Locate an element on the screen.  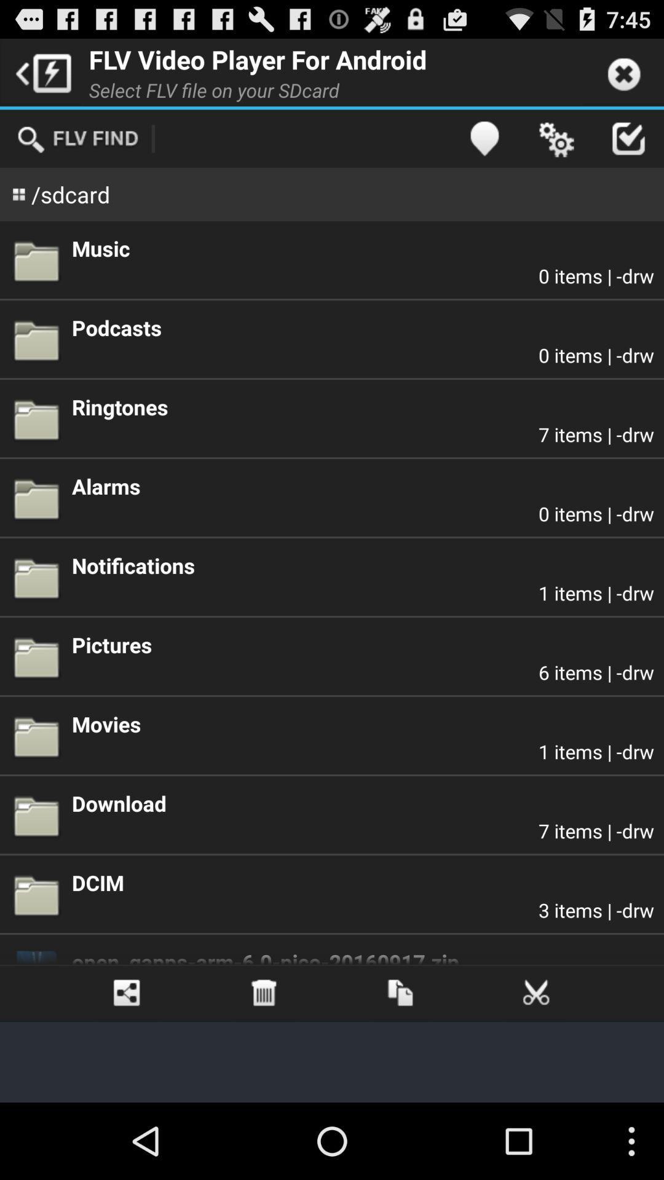
the item below open_gapps arm 6 item is located at coordinates (400, 993).